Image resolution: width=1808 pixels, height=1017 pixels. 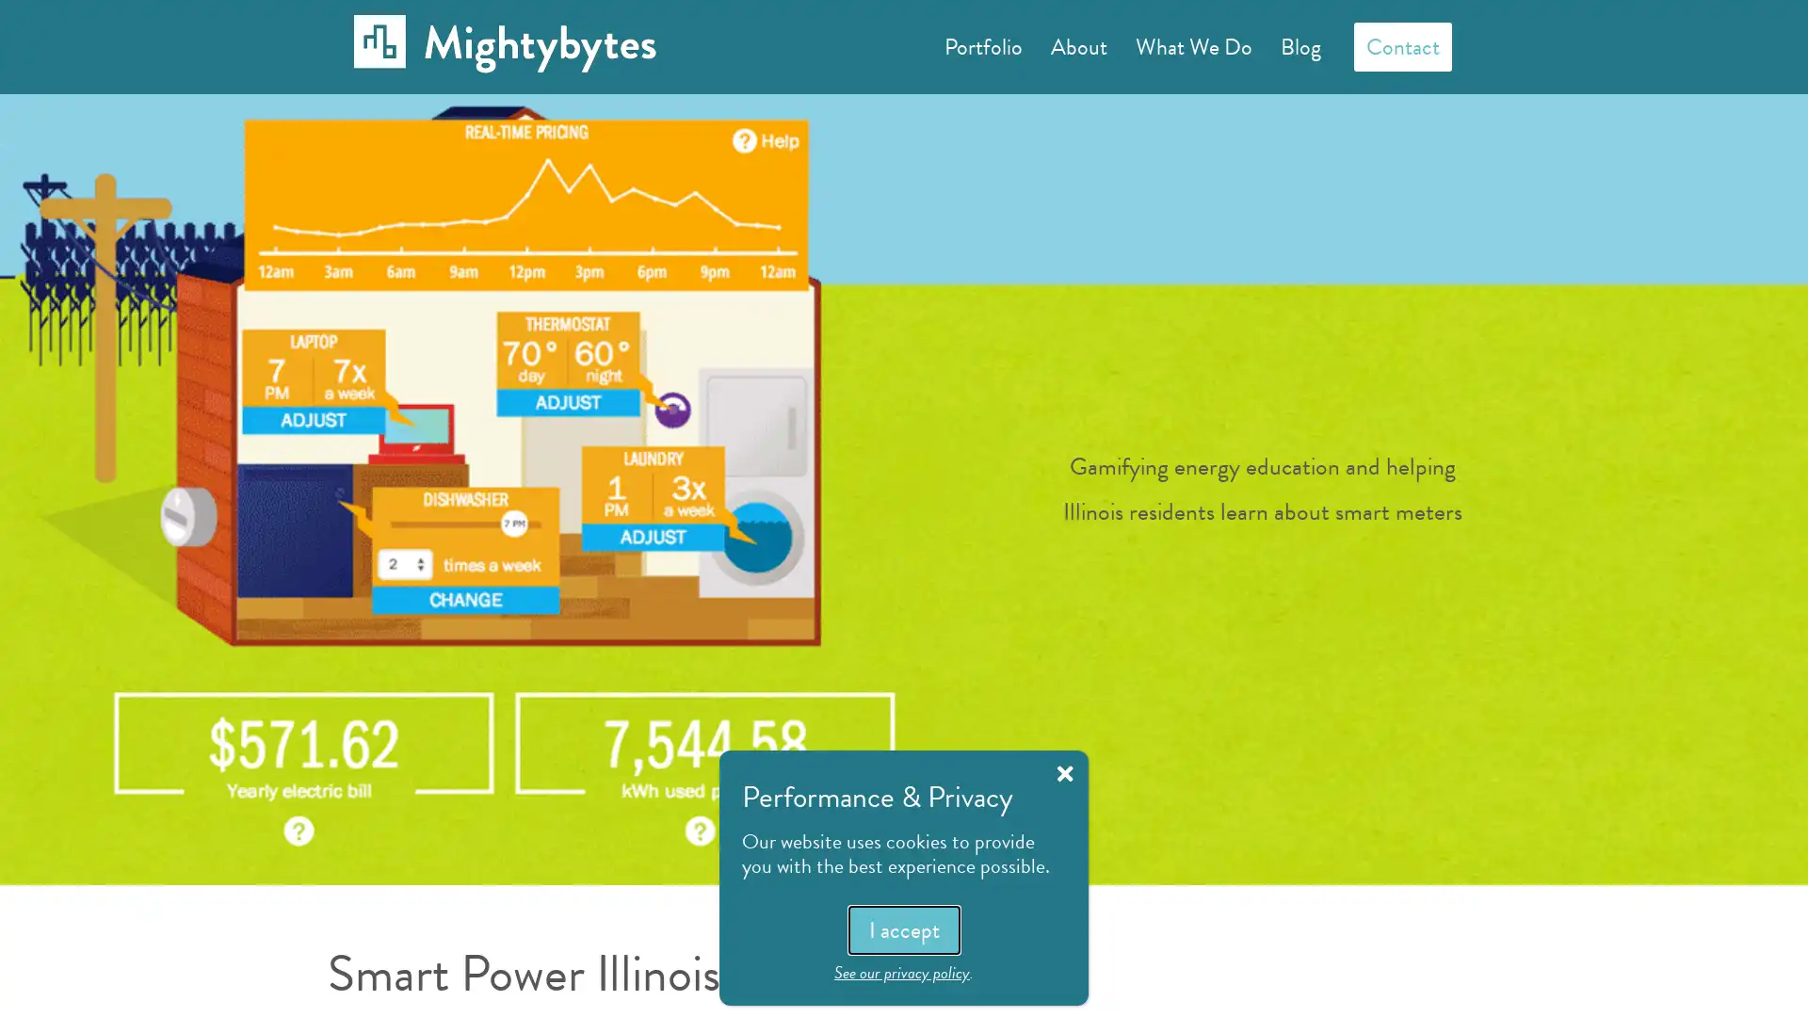 What do you see at coordinates (902, 928) in the screenshot?
I see `I accept` at bounding box center [902, 928].